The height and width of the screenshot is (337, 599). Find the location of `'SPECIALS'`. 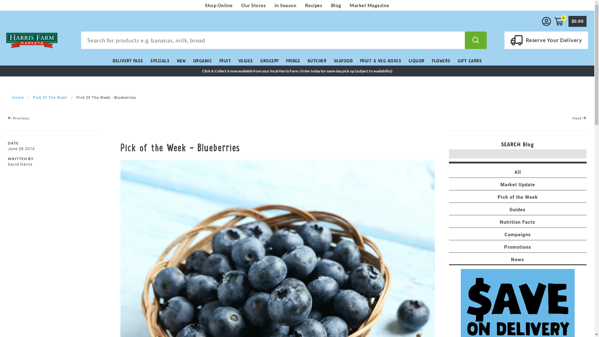

'SPECIALS' is located at coordinates (160, 61).